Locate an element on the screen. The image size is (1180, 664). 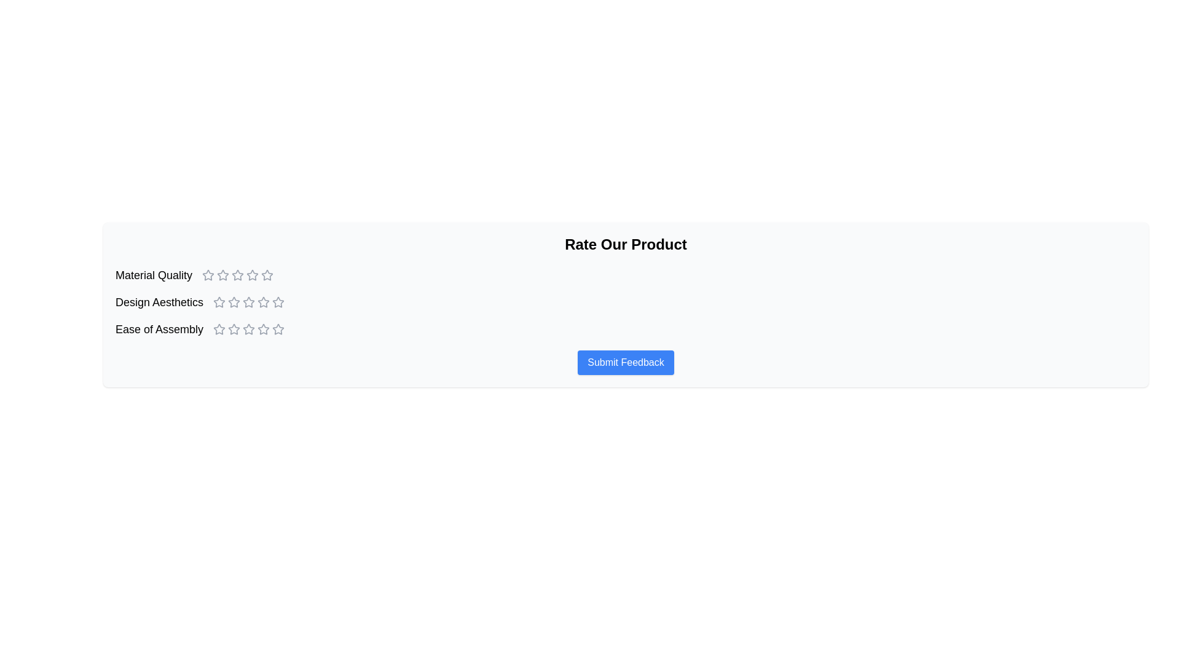
the third star icon in the 'Design Aesthetics' rating section to set the rating value to three stars is located at coordinates (263, 302).